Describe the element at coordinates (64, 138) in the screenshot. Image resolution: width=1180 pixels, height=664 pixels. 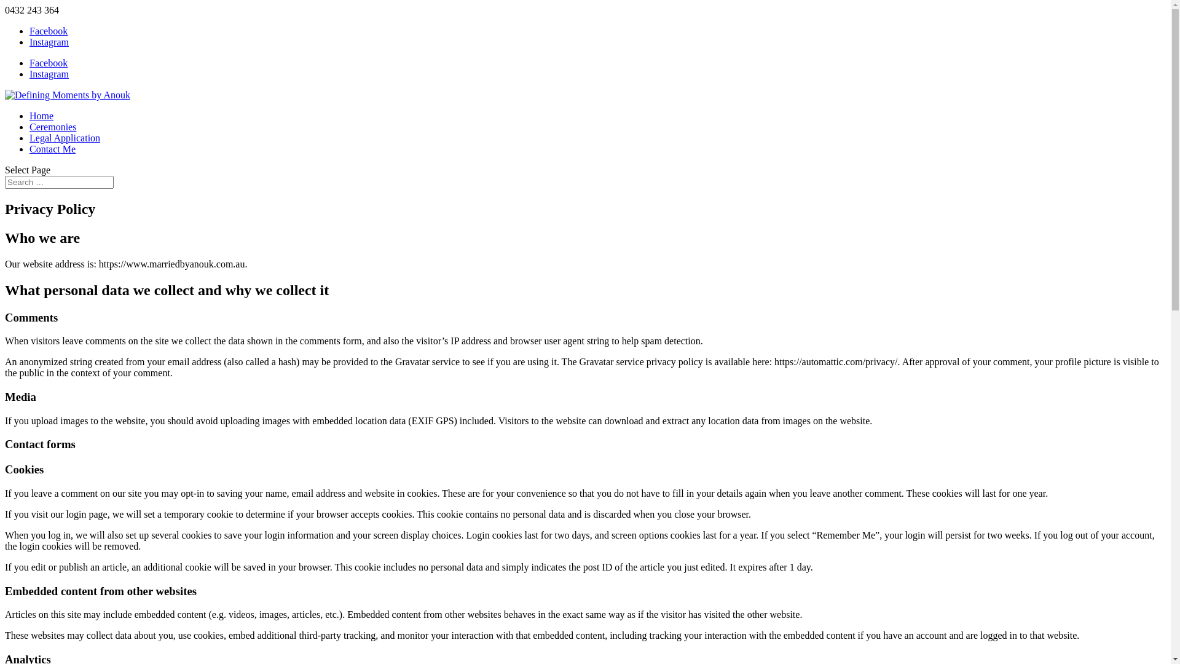
I see `'Legal Application'` at that location.